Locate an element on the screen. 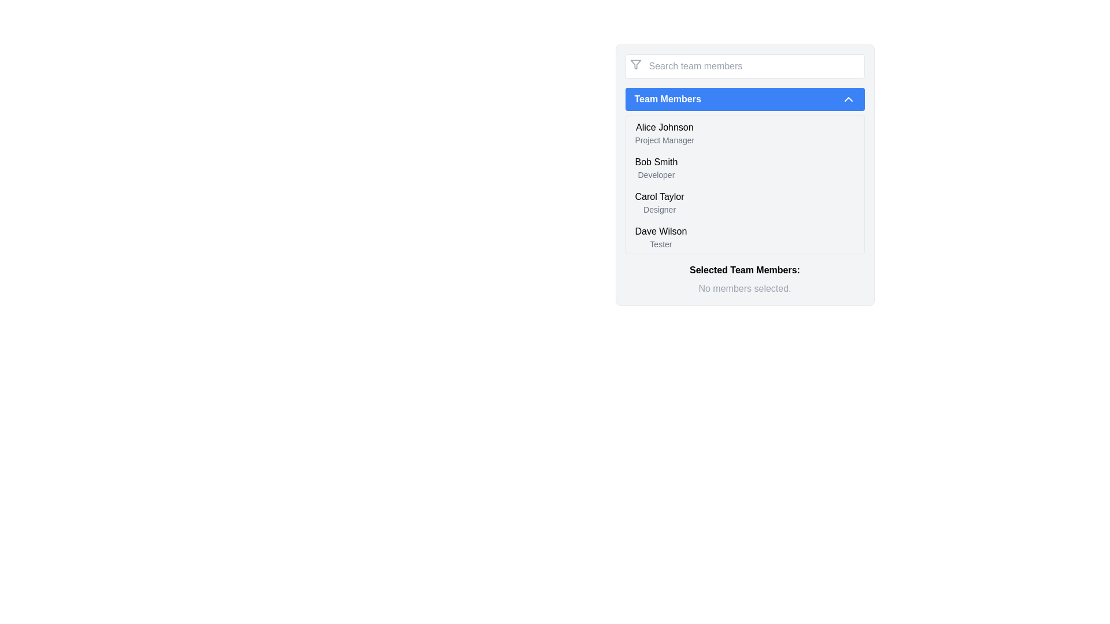 The height and width of the screenshot is (624, 1110). the text label displaying 'Dave Wilson' and 'Tester' is located at coordinates (661, 237).